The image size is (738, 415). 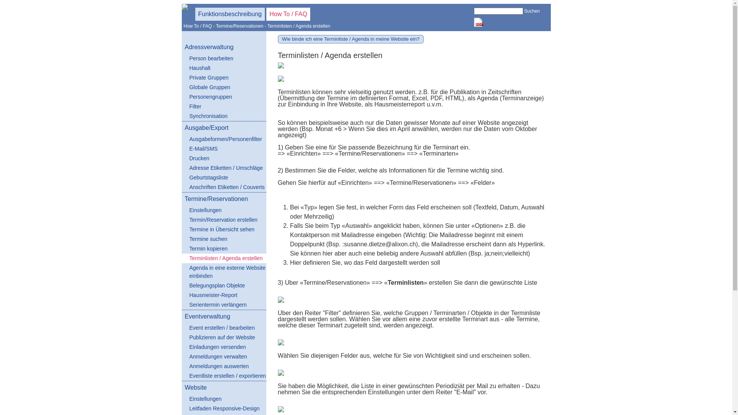 I want to click on 'Termin/Reservation erstellen', so click(x=223, y=220).